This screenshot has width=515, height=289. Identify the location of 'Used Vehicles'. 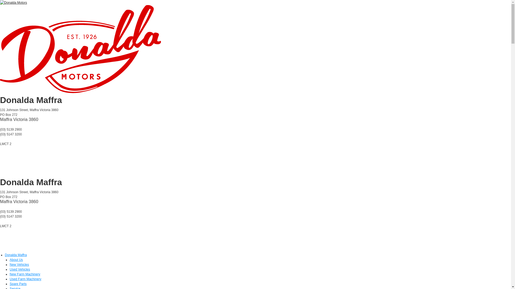
(9, 269).